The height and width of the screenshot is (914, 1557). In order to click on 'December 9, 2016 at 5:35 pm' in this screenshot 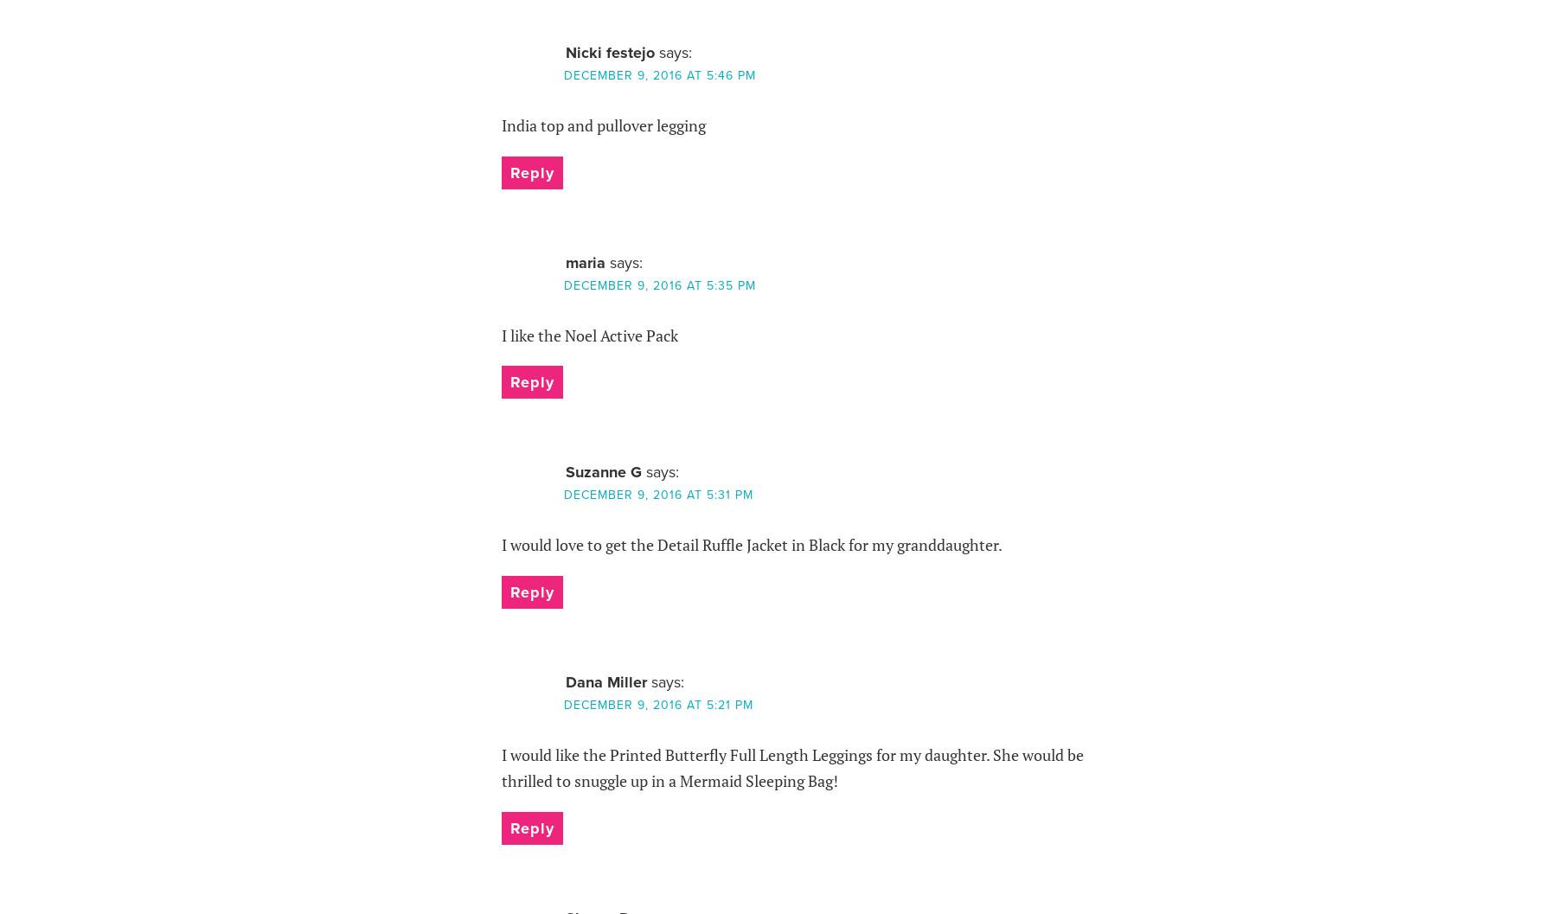, I will do `click(657, 284)`.